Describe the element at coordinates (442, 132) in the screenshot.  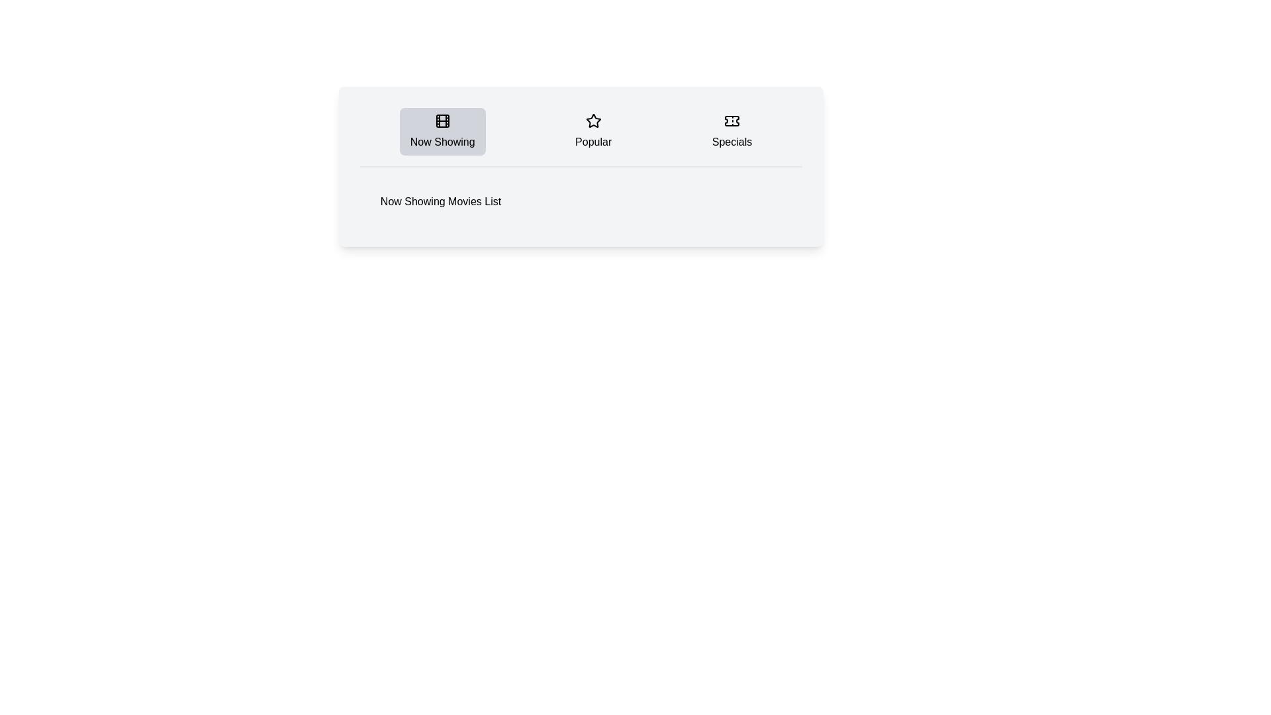
I see `the Now Showing tab by clicking on its button` at that location.